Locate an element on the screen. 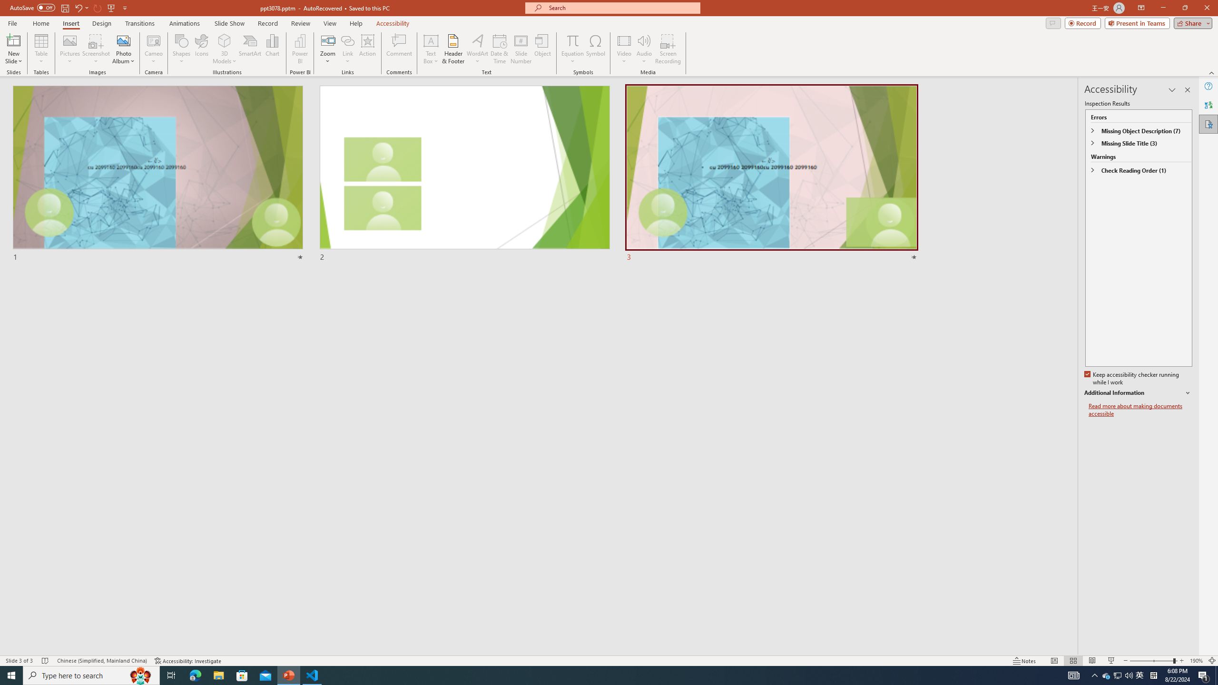 This screenshot has height=685, width=1218. 'Comment' is located at coordinates (398, 49).